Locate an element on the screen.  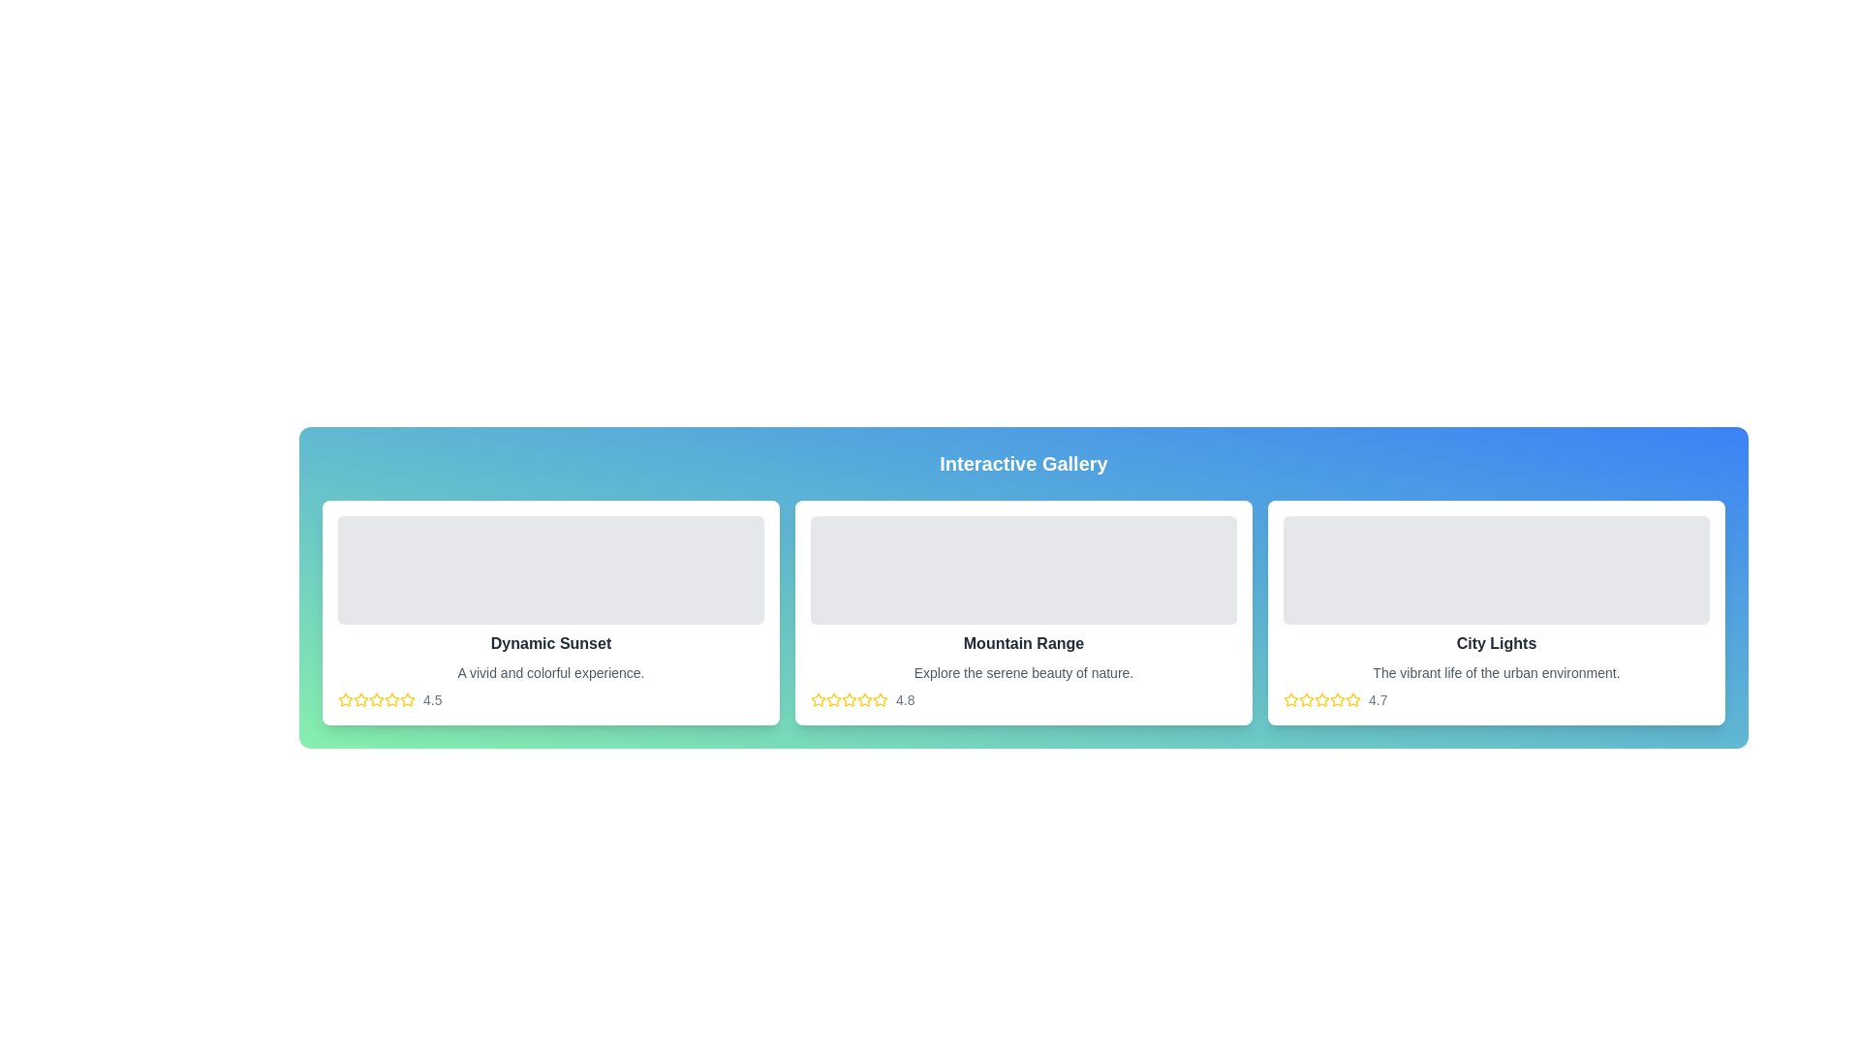
the fifth star-shaped icon from the left in a row of star icons below the 'City Lights' card is located at coordinates (1320, 699).